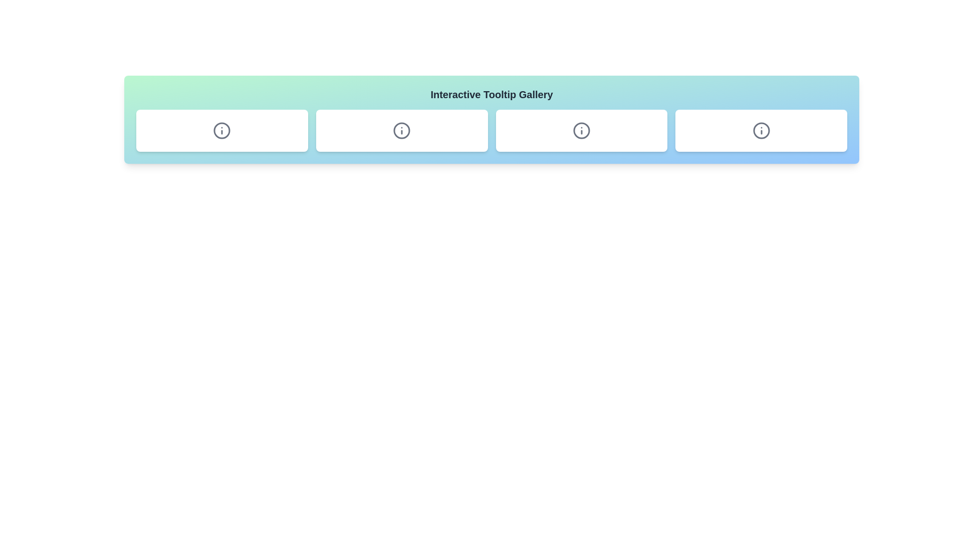  What do you see at coordinates (581, 130) in the screenshot?
I see `the circular icon with an 'i' symbol that is the third from the left among four similar icons, located beneath the header 'Interactive Tooltip Gallery'` at bounding box center [581, 130].